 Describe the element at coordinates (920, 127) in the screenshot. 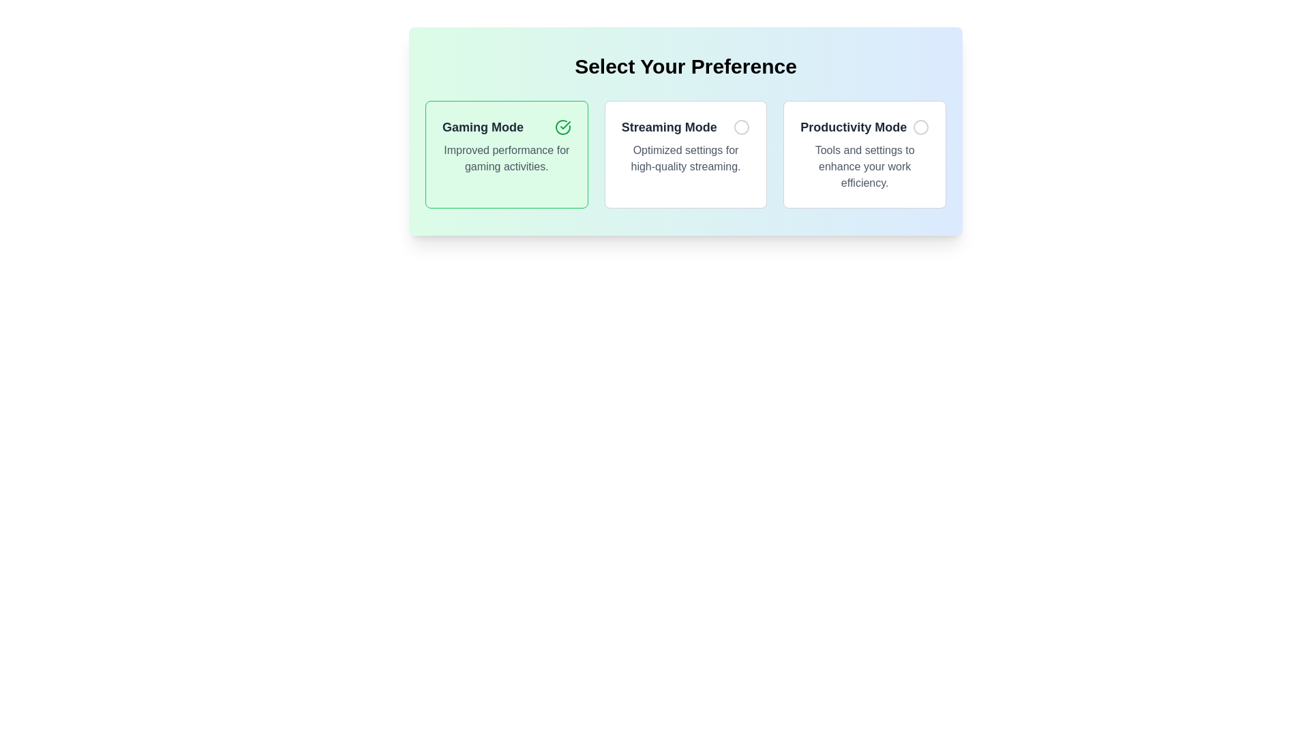

I see `the 'Productivity Mode' icon located to the right of the 'Productivity Mode' text label` at that location.